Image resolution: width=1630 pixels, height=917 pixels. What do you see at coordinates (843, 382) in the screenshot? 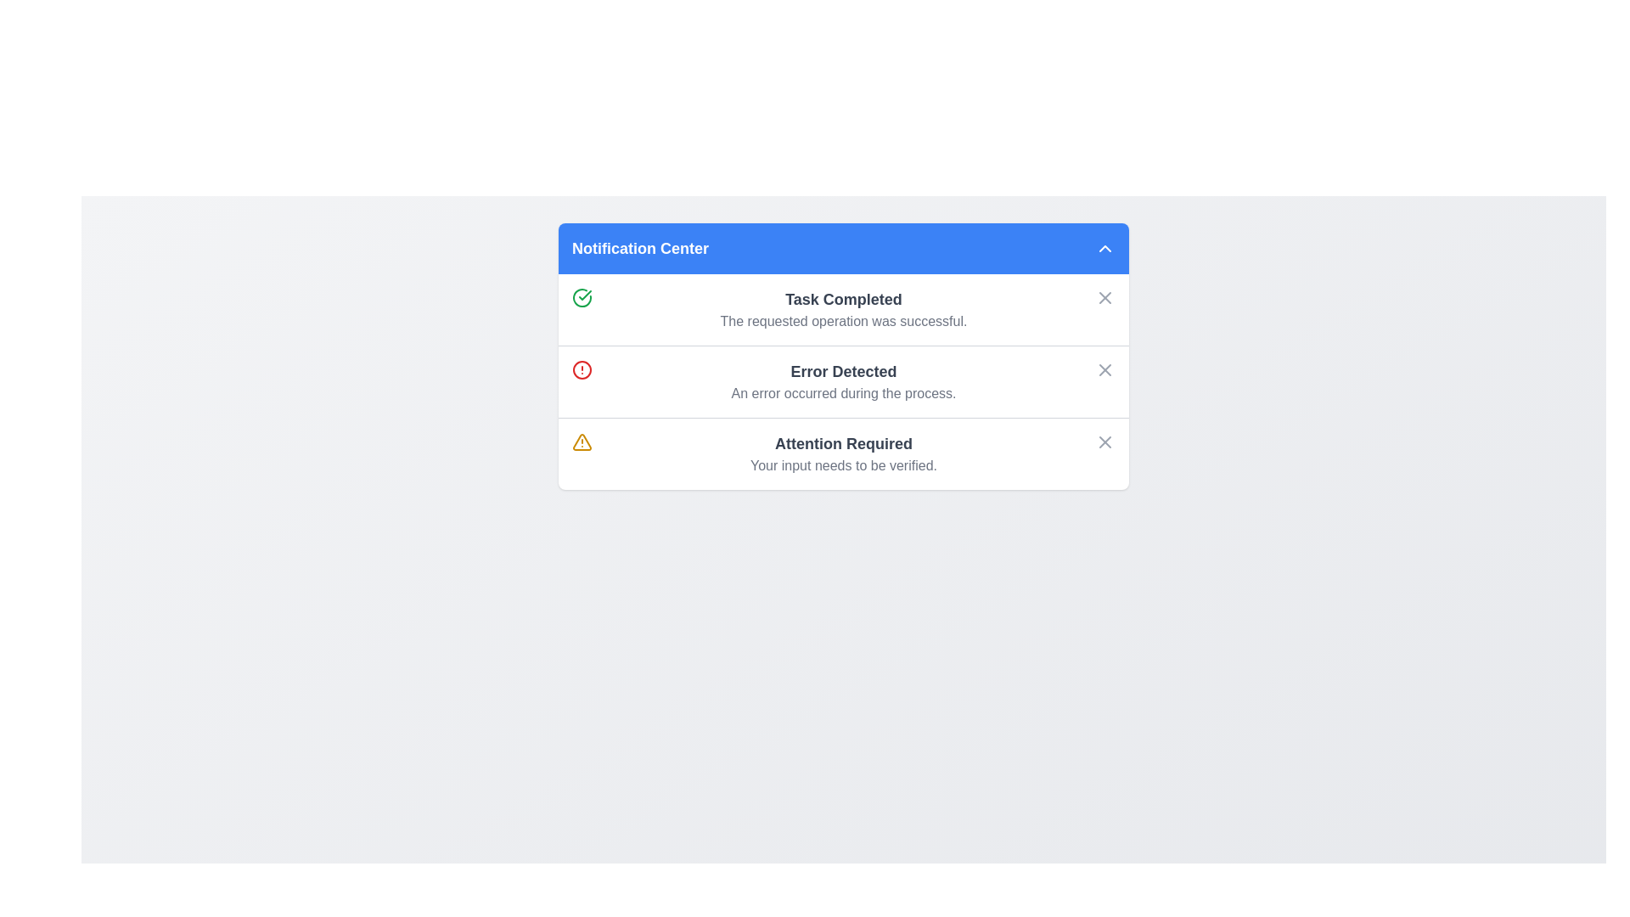
I see `the second notification item in the notification panel, which displays a red exclamation icon, the title 'Error Detected', and the message 'An error occurred during the process.'` at bounding box center [843, 382].